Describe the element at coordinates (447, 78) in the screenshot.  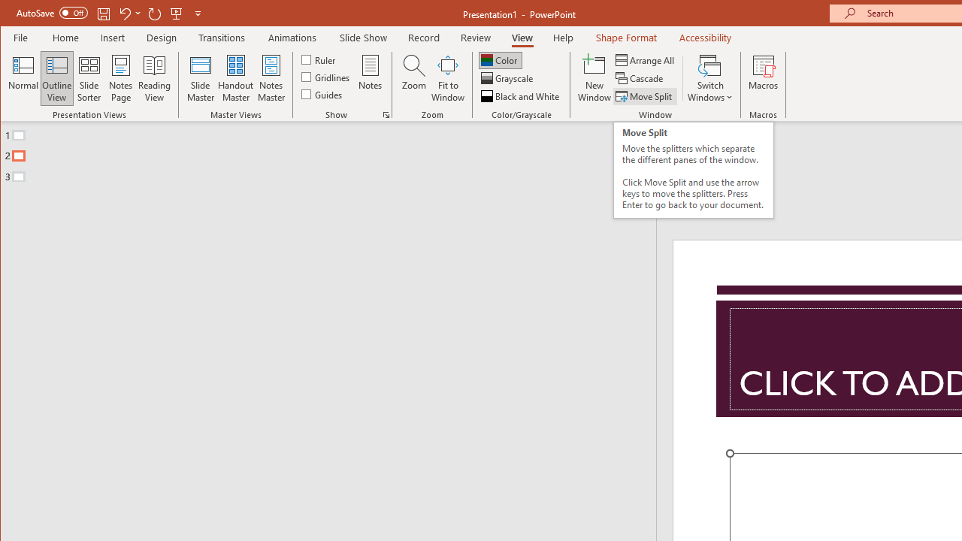
I see `'Fit to Window'` at that location.